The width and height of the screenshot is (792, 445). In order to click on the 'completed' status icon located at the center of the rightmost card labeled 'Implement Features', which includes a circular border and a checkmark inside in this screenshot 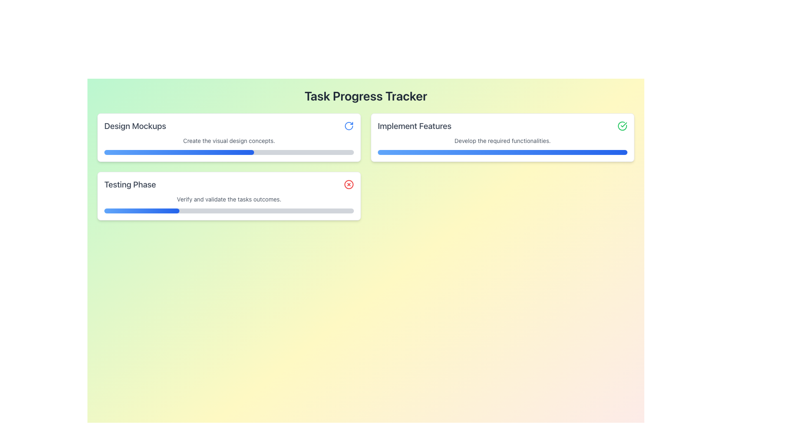, I will do `click(624, 125)`.